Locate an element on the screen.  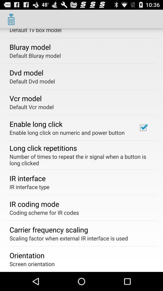
the app at the bottom is located at coordinates (68, 238).